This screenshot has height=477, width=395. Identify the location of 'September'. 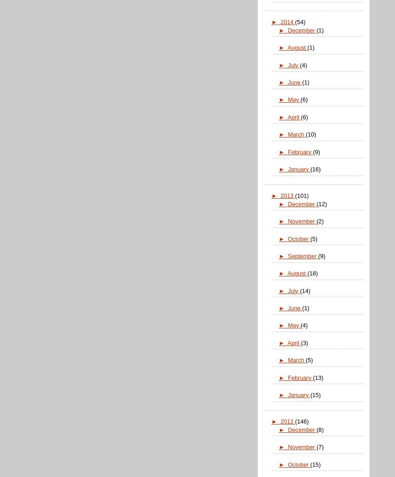
(303, 255).